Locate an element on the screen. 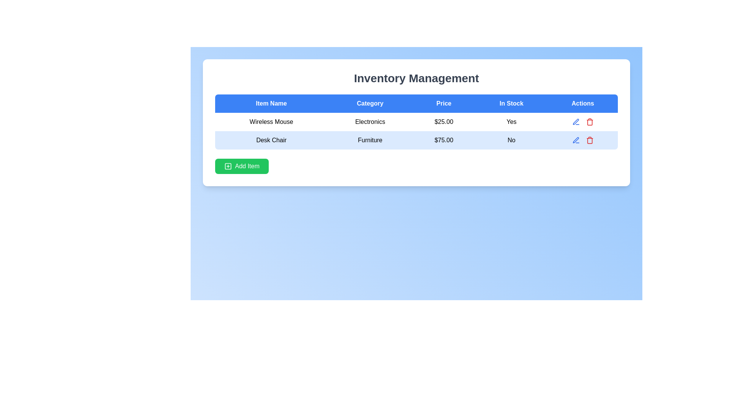 The width and height of the screenshot is (735, 413). the Table Header Cell that indicates the 'Price' column in the table, which is centrally aligned and located third from the left among its siblings is located at coordinates (444, 103).